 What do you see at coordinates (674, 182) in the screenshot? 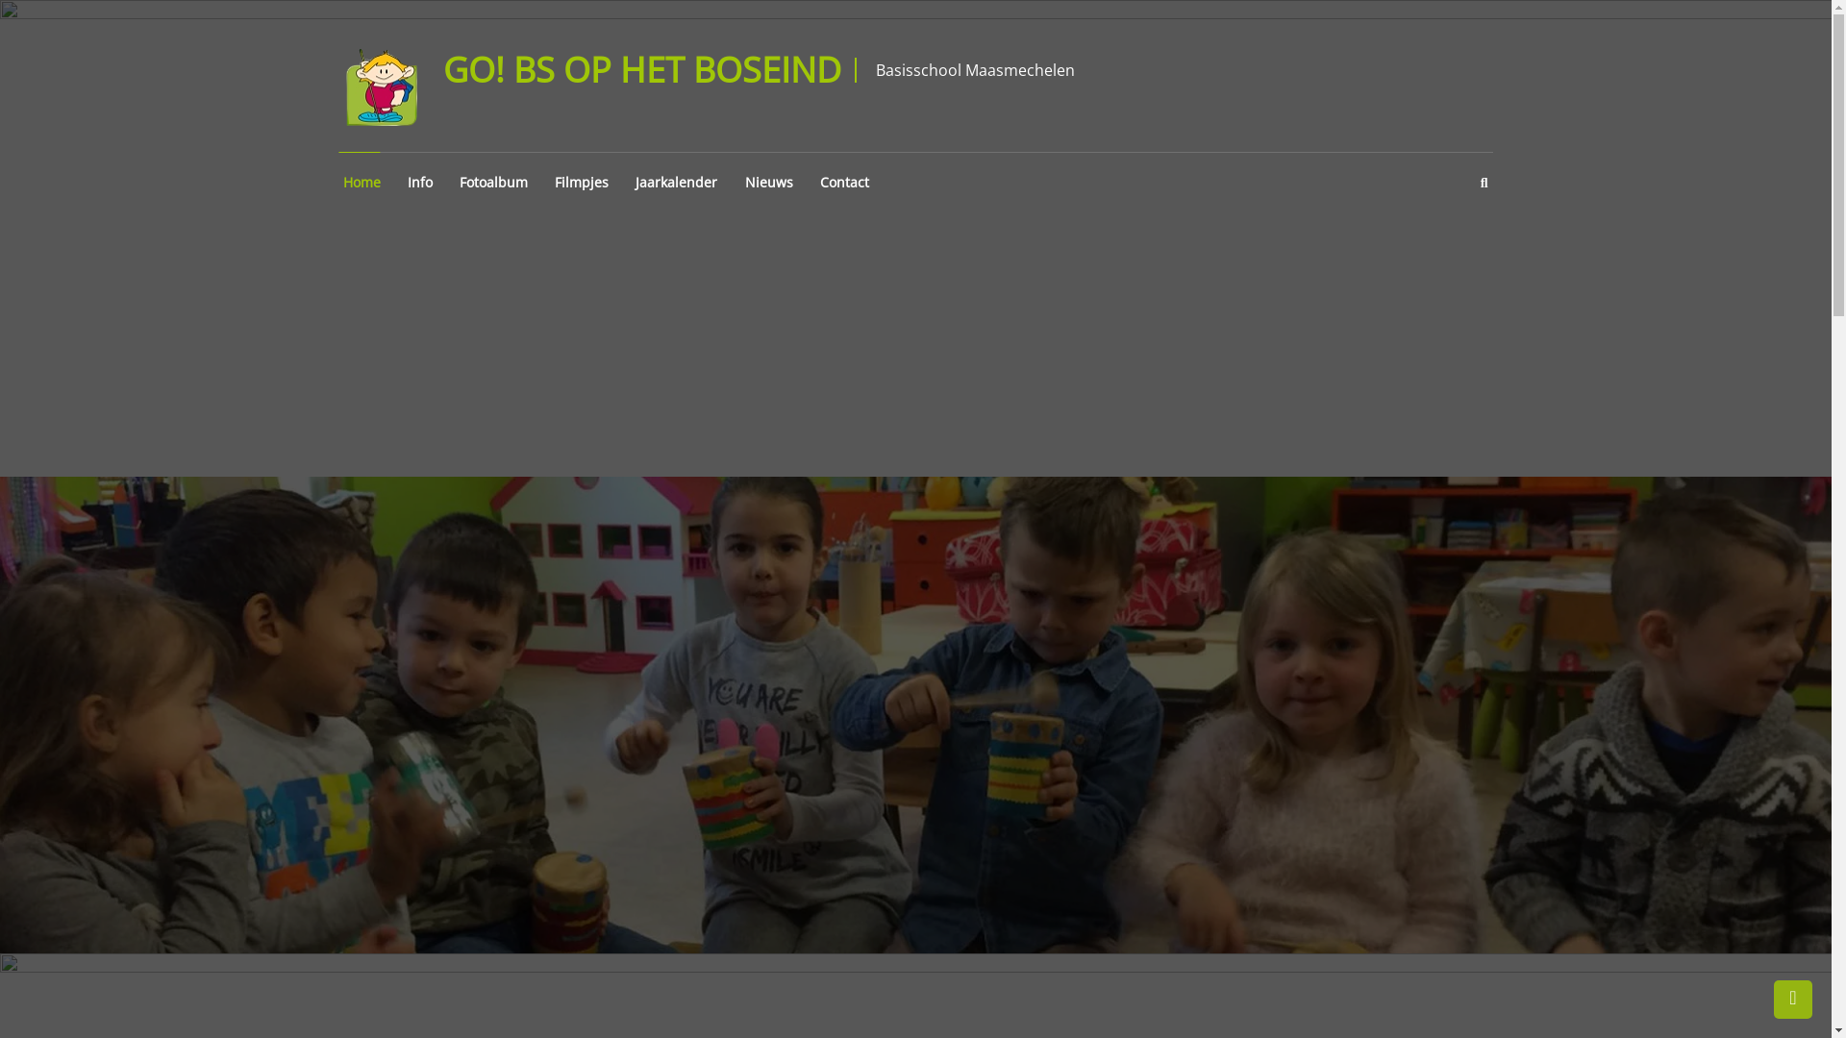
I see `'Jaarkalender'` at bounding box center [674, 182].